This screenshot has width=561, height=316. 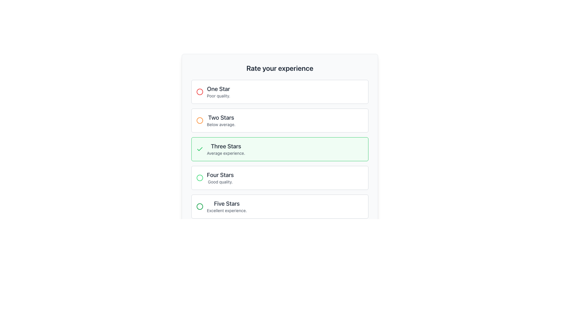 I want to click on the 'One Star' rating label located in the rating section, which is the topmost item in the list of ratings, so click(x=218, y=89).